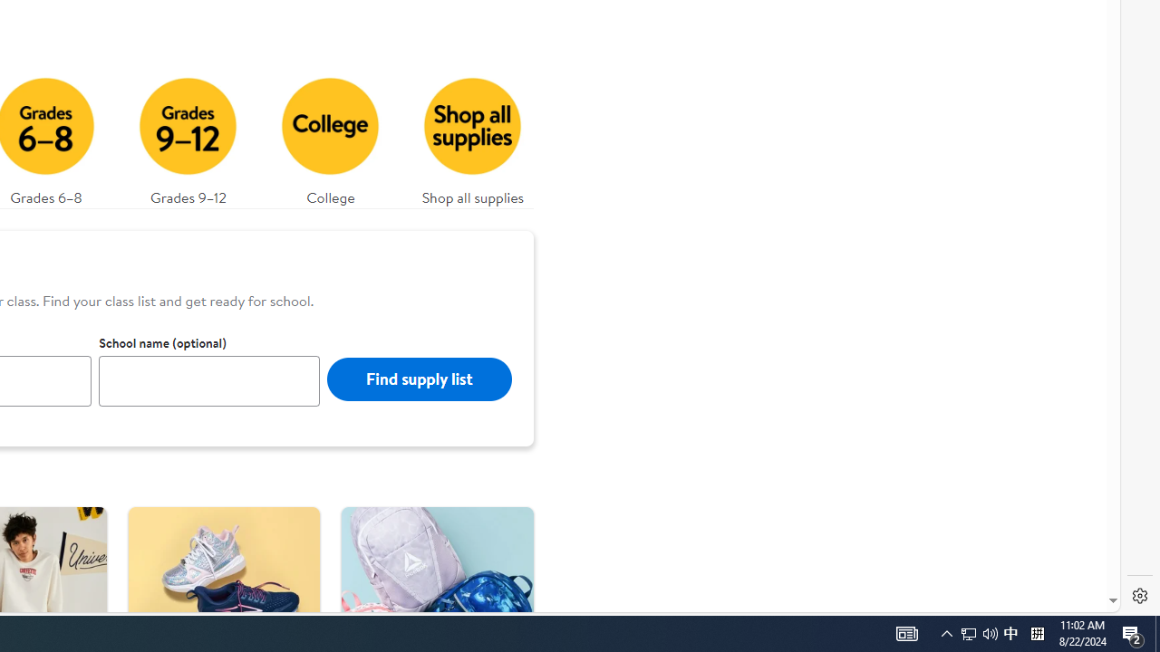  Describe the element at coordinates (209, 379) in the screenshot. I see `'School name (optional)'` at that location.